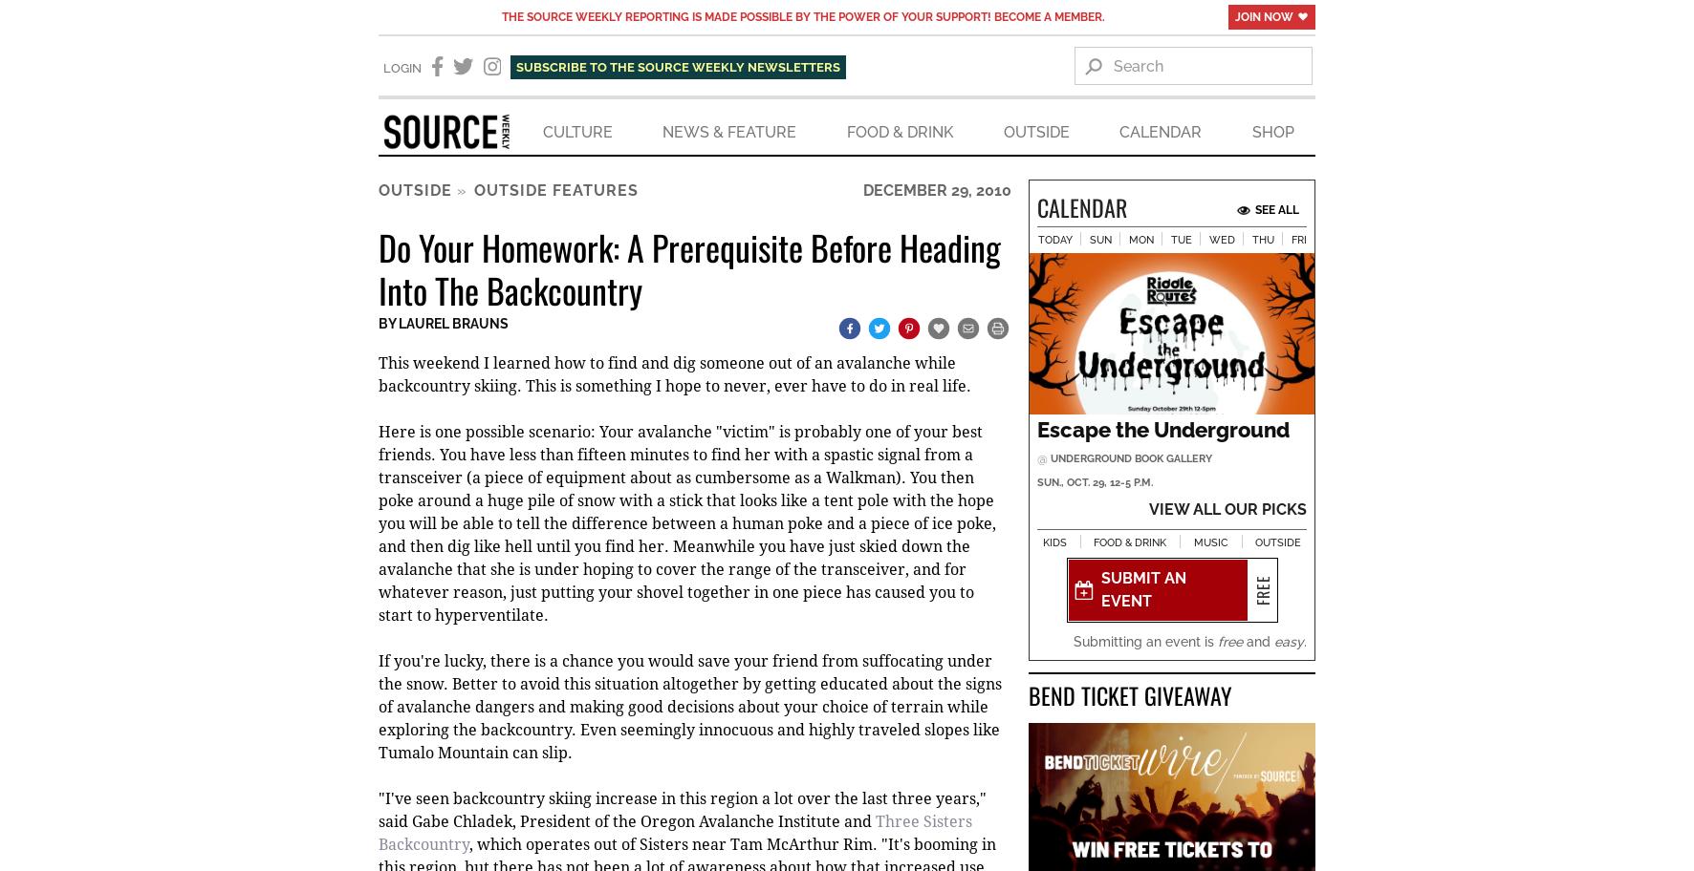  Describe the element at coordinates (1028, 694) in the screenshot. I see `'Bend Ticket Giveaway'` at that location.